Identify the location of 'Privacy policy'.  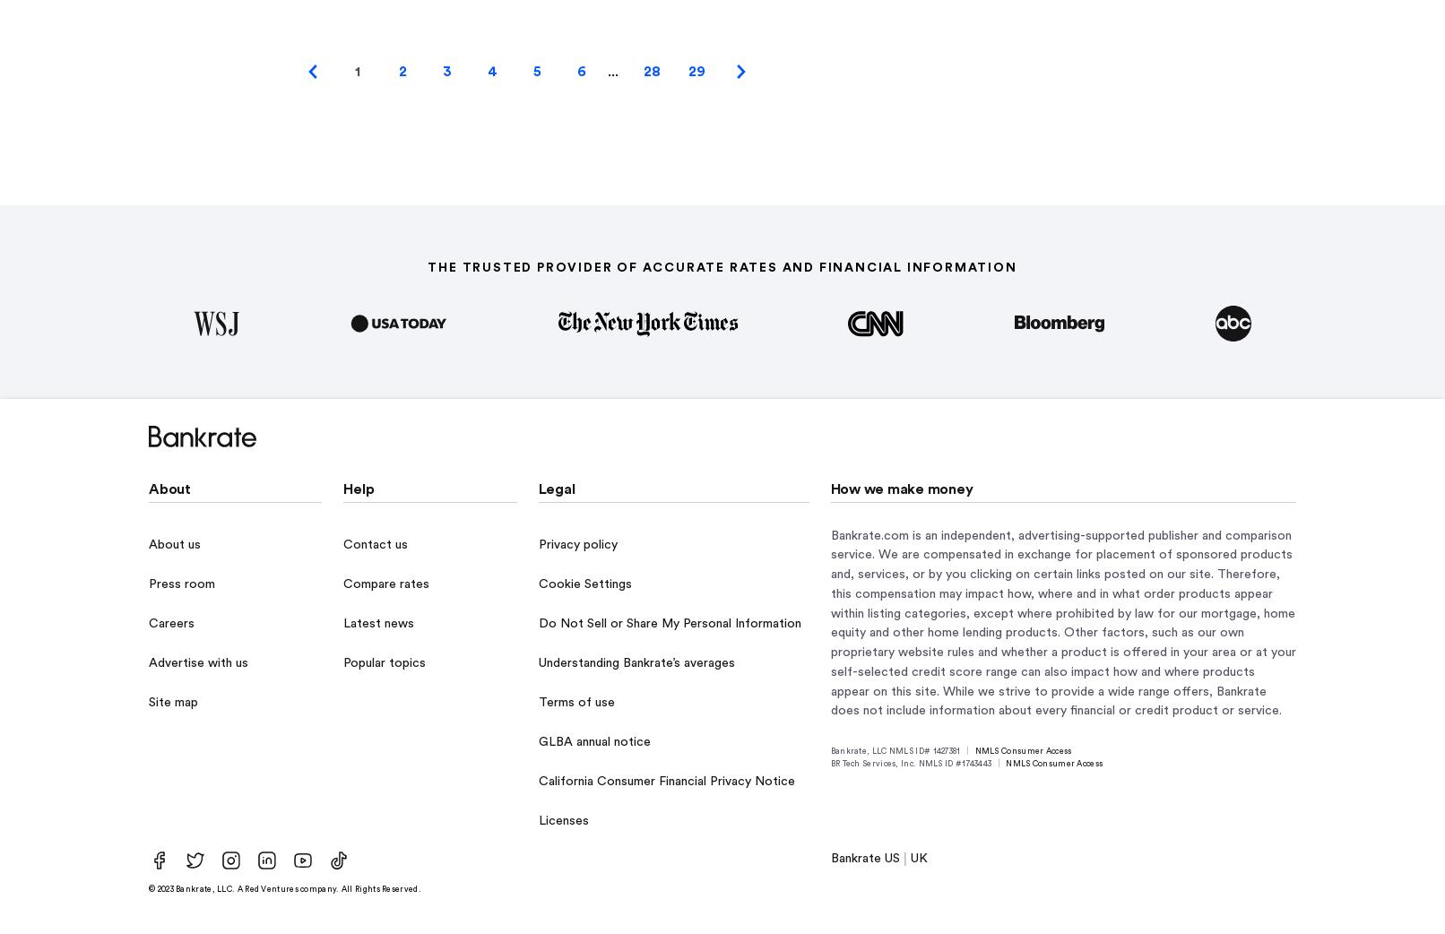
(537, 544).